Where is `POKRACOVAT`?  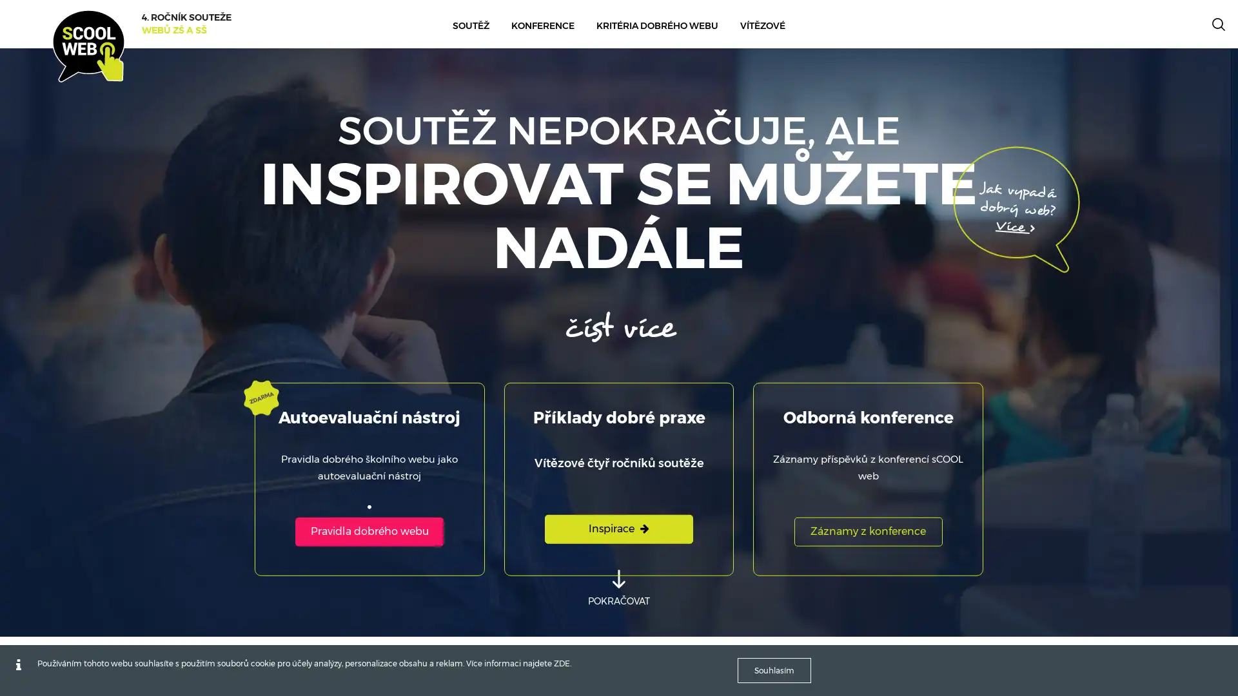 POKRACOVAT is located at coordinates (619, 588).